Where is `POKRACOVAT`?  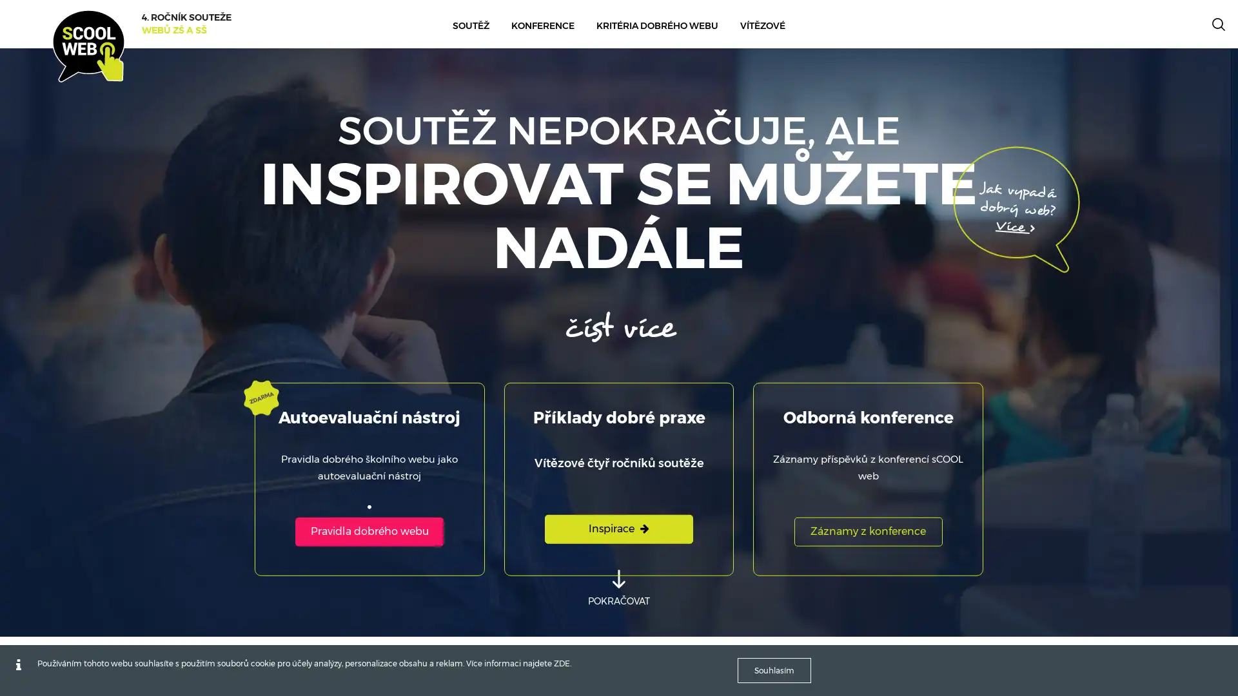 POKRACOVAT is located at coordinates (619, 588).